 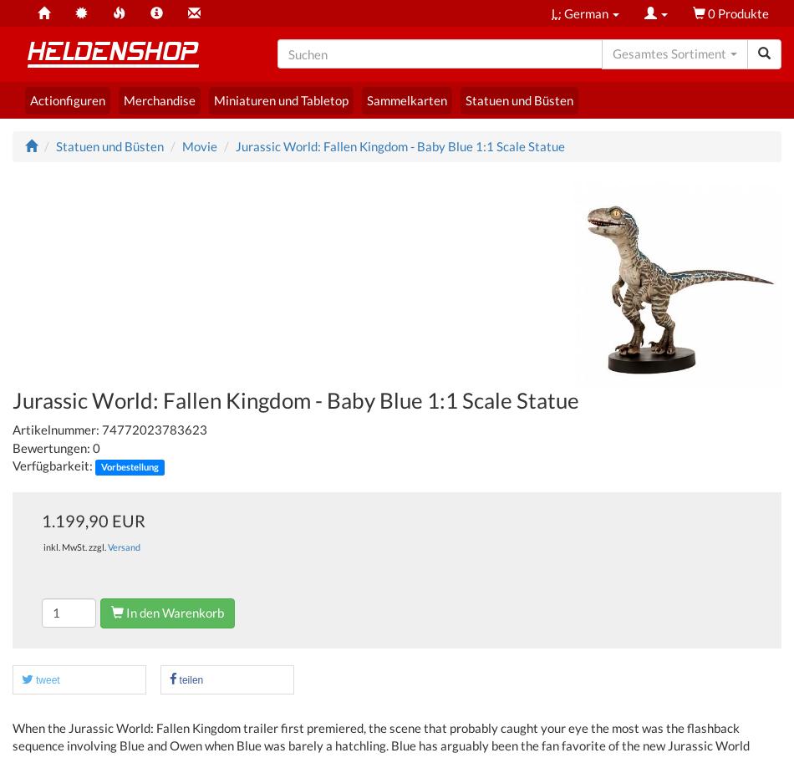 I want to click on 'tweet', so click(x=36, y=679).